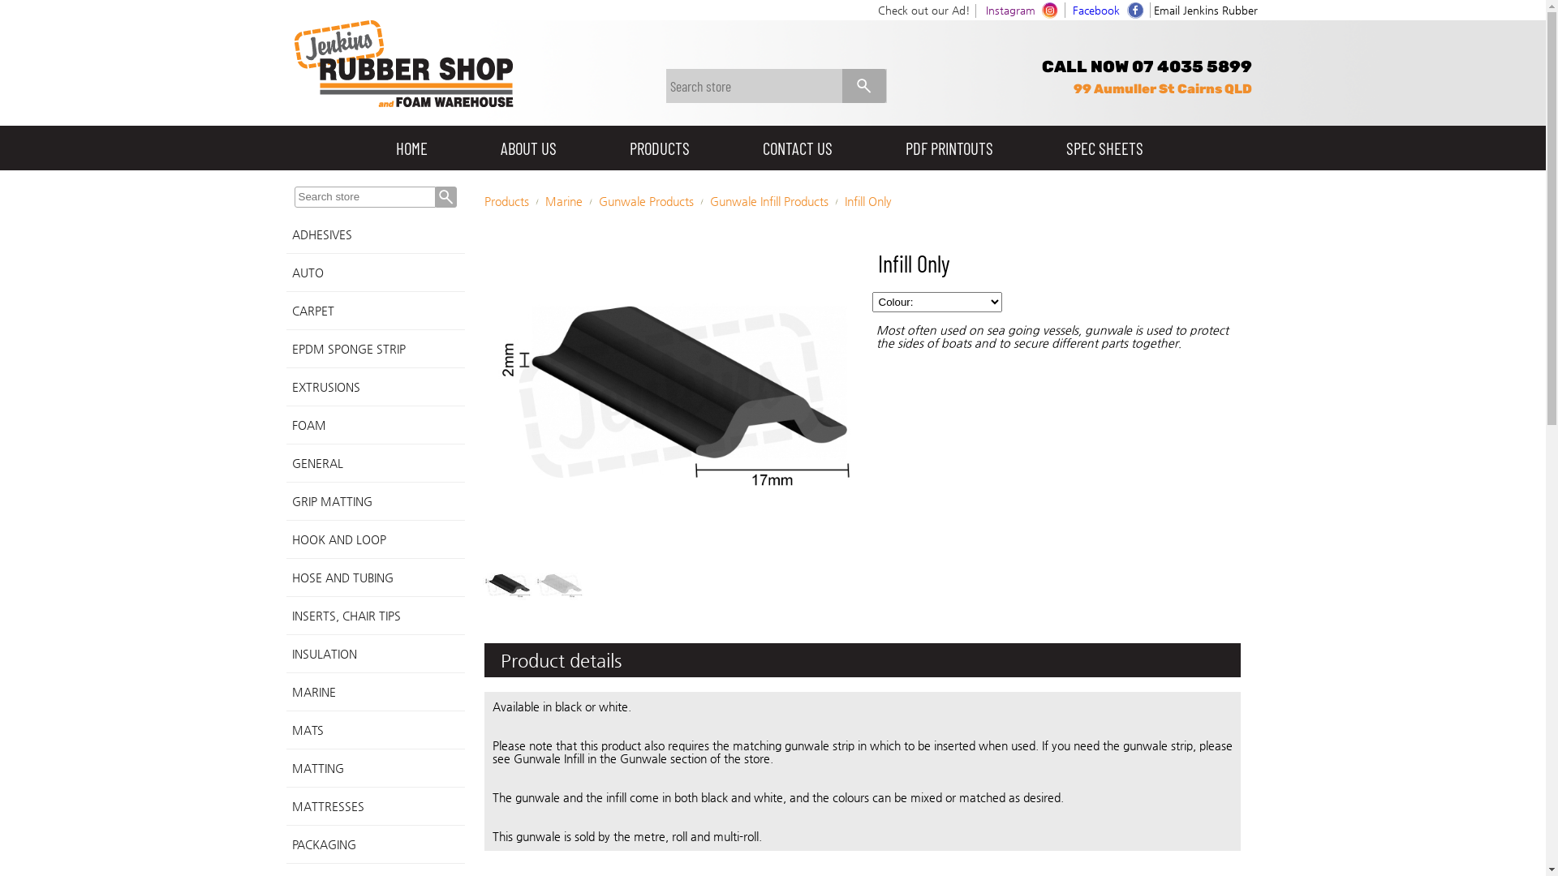 This screenshot has height=876, width=1558. I want to click on 'CARPET', so click(373, 311).